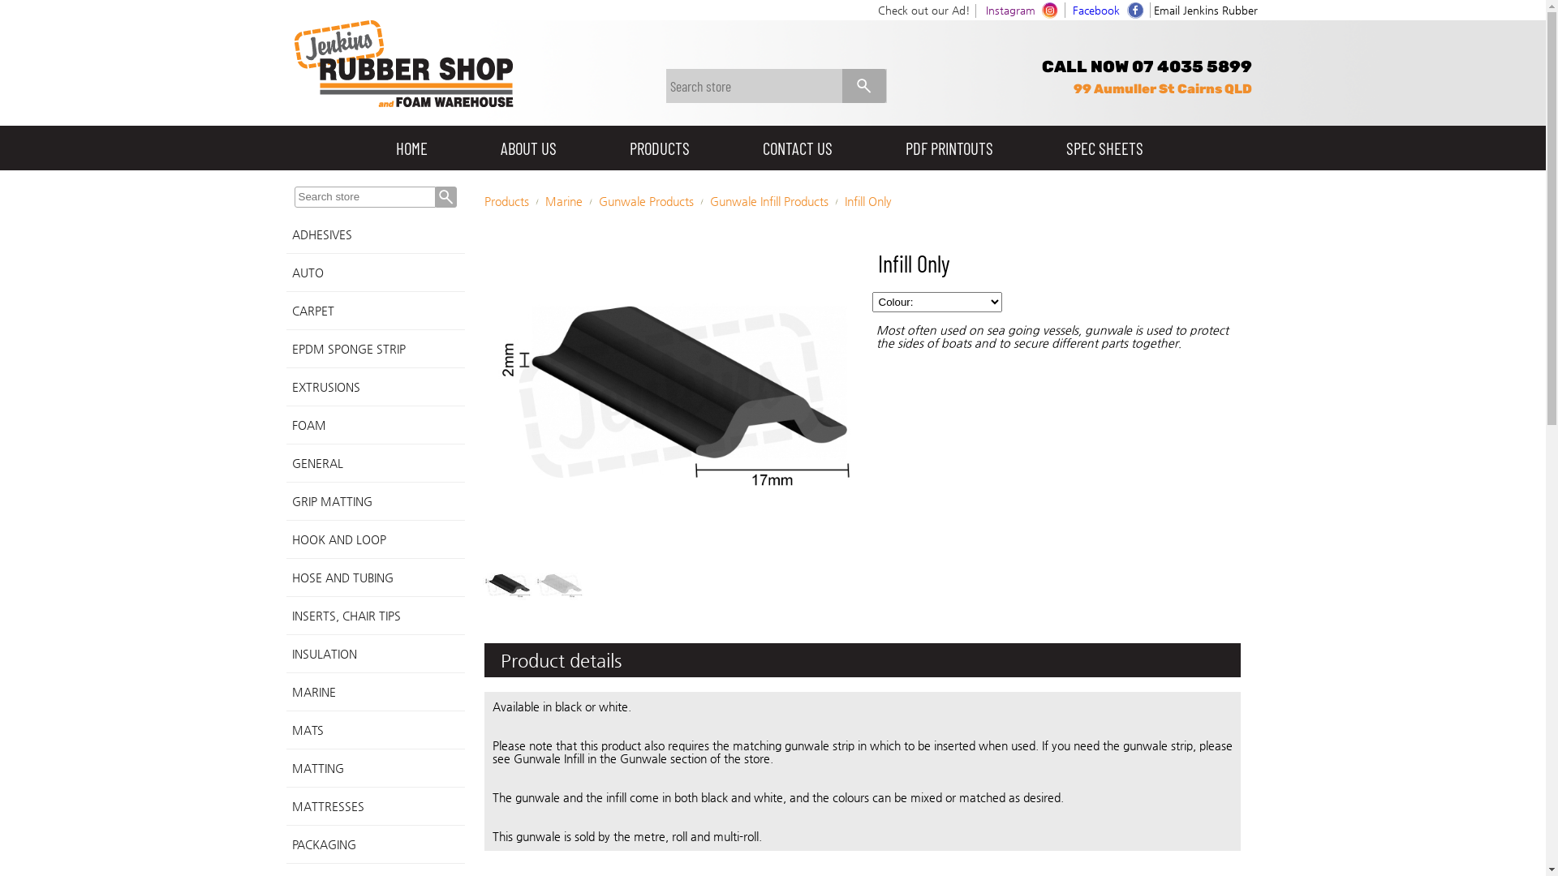 This screenshot has height=876, width=1558. I want to click on 'CARPET', so click(373, 311).